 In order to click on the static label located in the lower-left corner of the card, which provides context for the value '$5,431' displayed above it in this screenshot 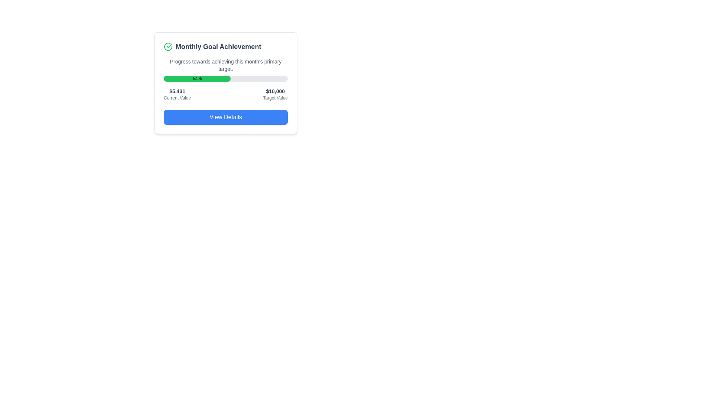, I will do `click(177, 97)`.